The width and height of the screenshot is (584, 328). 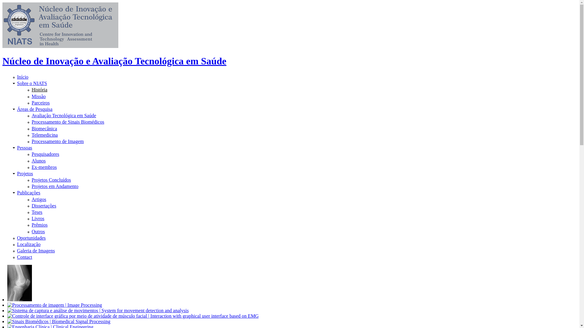 What do you see at coordinates (24, 257) in the screenshot?
I see `'Contact'` at bounding box center [24, 257].